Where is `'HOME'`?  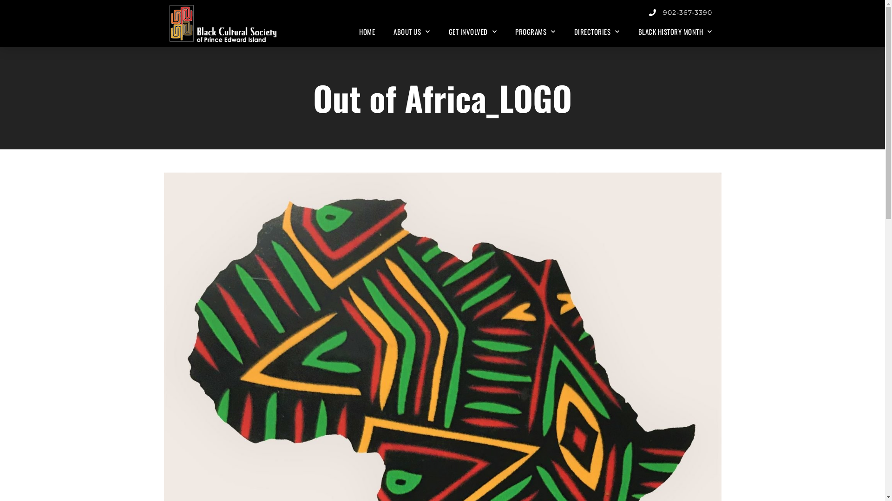 'HOME' is located at coordinates (367, 31).